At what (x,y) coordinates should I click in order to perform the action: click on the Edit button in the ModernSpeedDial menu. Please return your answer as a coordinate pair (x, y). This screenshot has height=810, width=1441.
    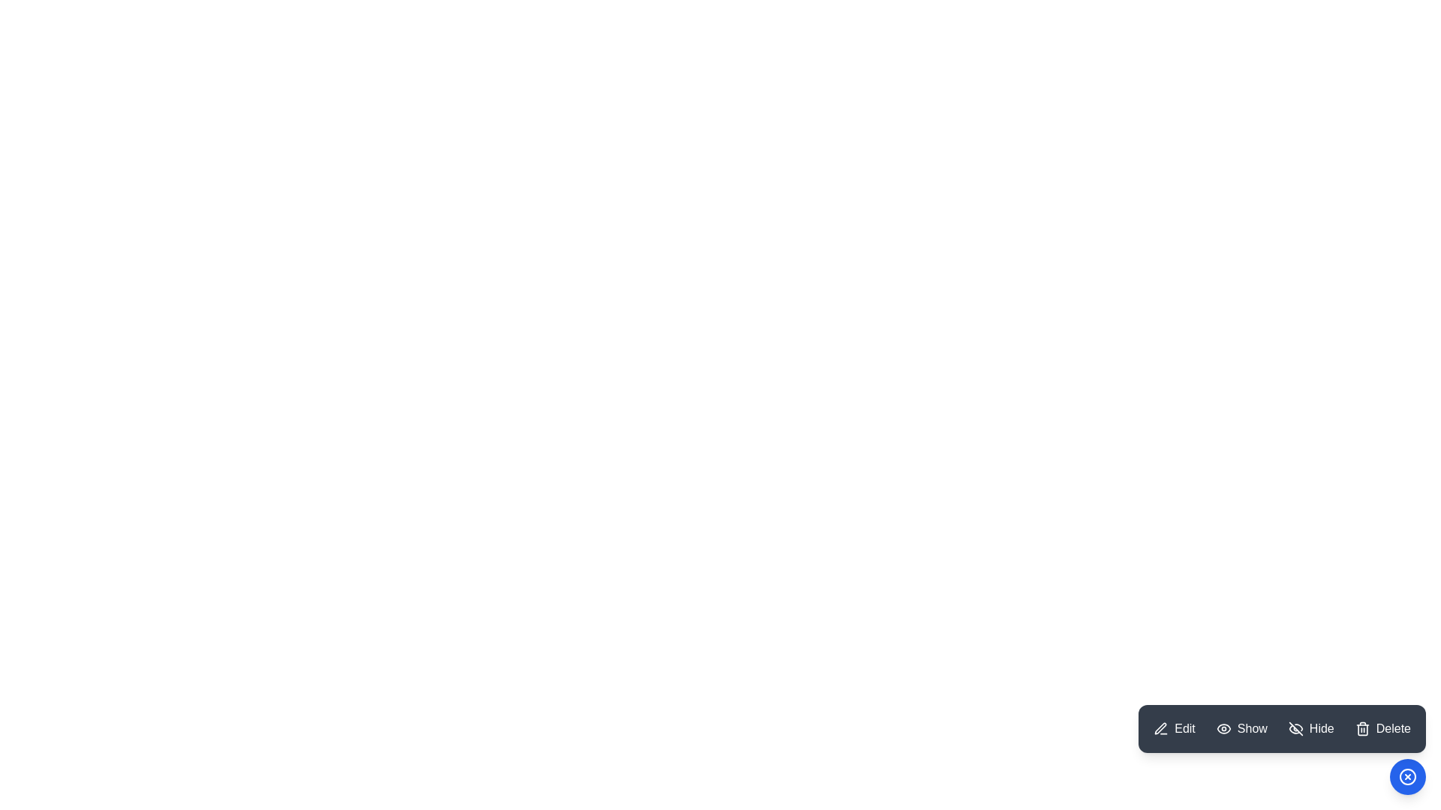
    Looking at the image, I should click on (1173, 728).